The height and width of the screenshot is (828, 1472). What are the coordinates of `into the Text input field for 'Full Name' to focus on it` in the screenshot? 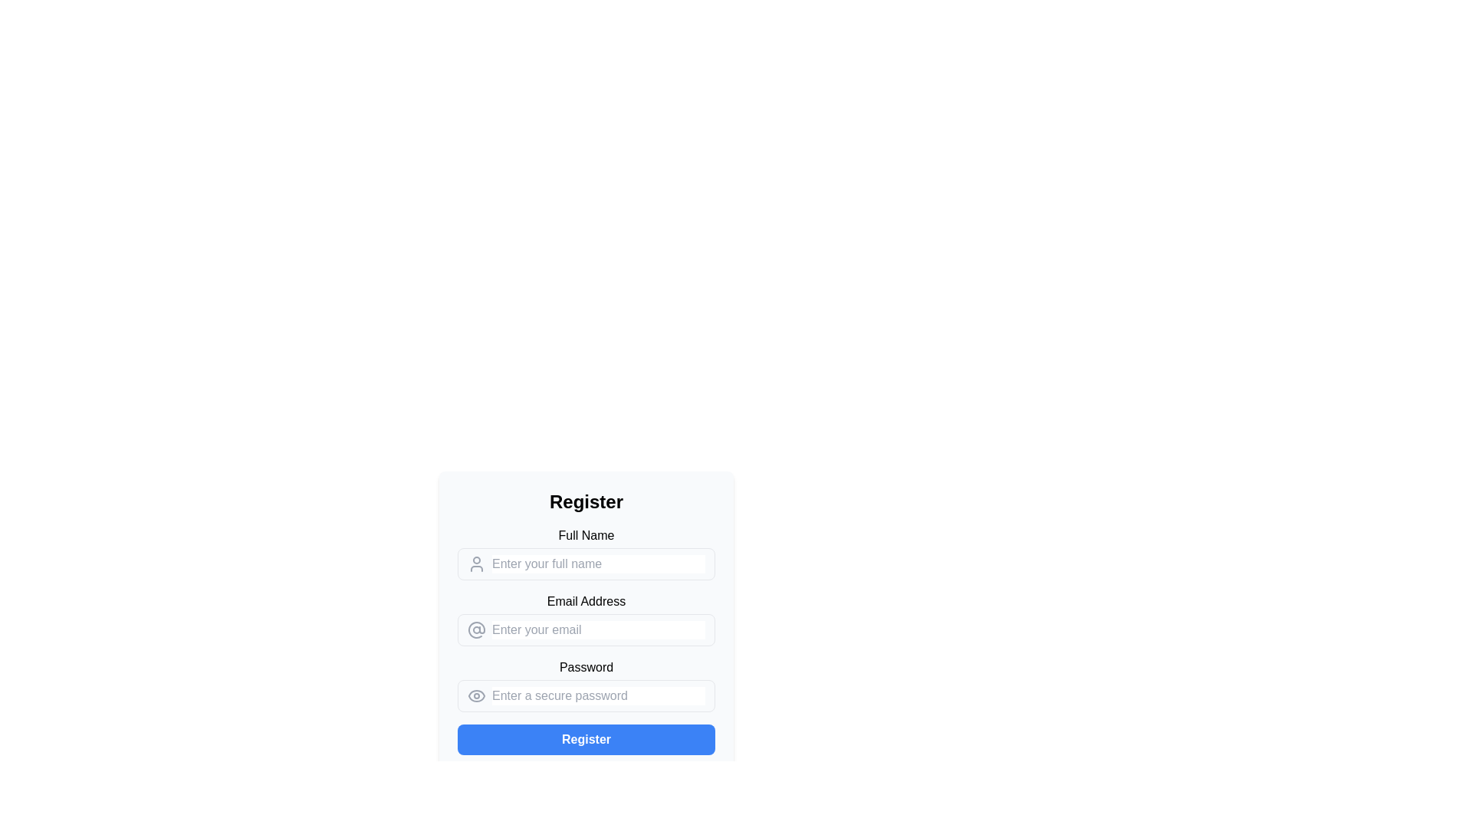 It's located at (585, 564).